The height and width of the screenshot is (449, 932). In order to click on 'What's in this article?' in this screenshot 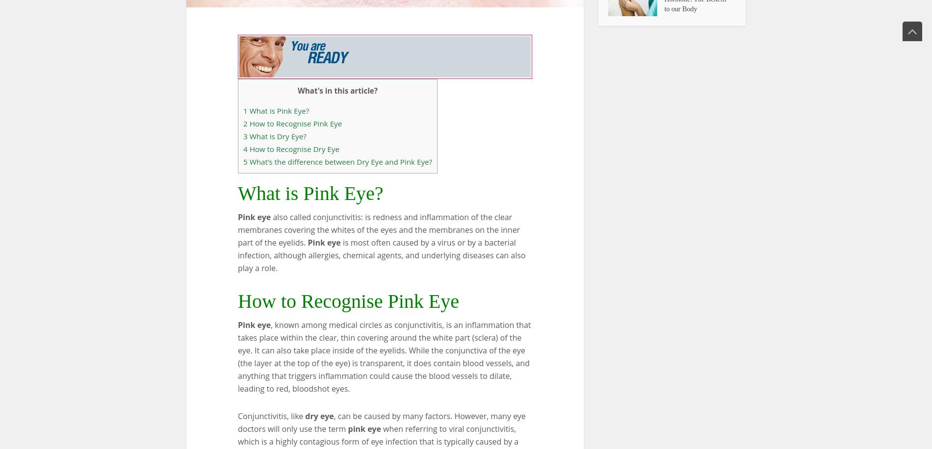, I will do `click(337, 90)`.